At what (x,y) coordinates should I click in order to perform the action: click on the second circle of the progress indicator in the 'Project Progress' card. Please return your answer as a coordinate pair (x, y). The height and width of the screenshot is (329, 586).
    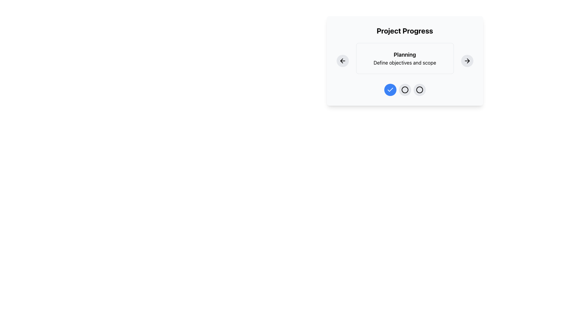
    Looking at the image, I should click on (405, 90).